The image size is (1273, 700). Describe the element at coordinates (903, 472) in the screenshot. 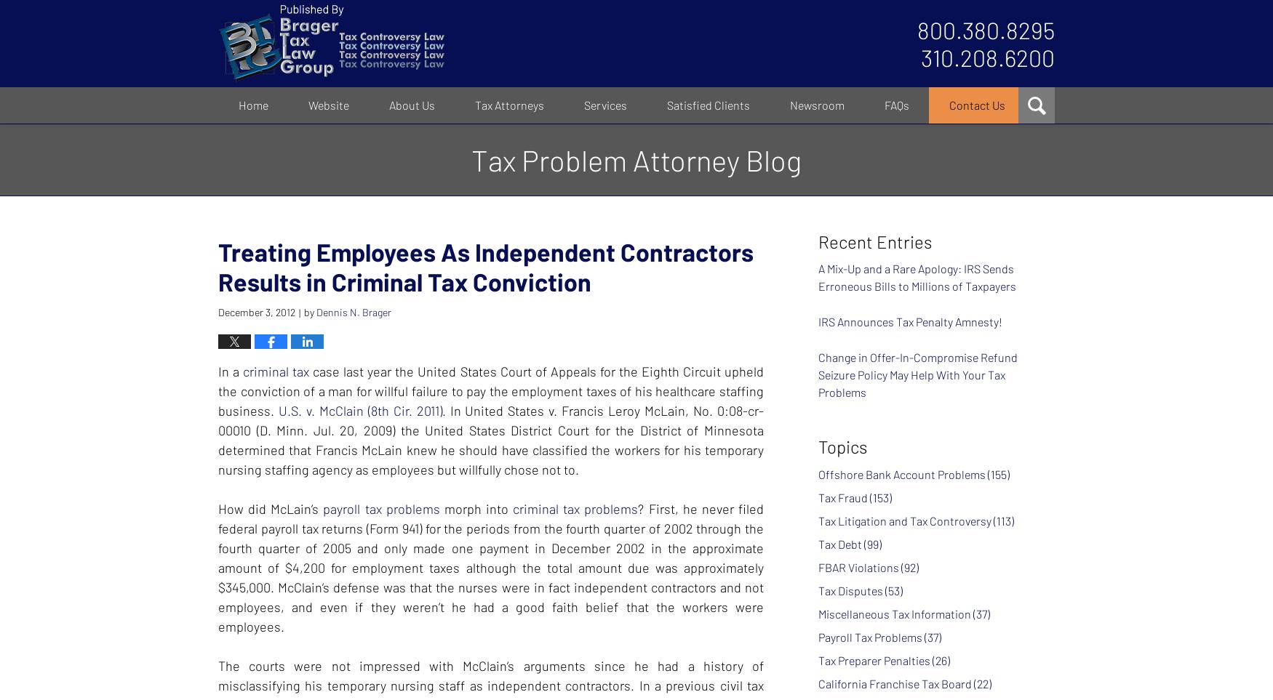

I see `'Offshore Bank Account Problems'` at that location.